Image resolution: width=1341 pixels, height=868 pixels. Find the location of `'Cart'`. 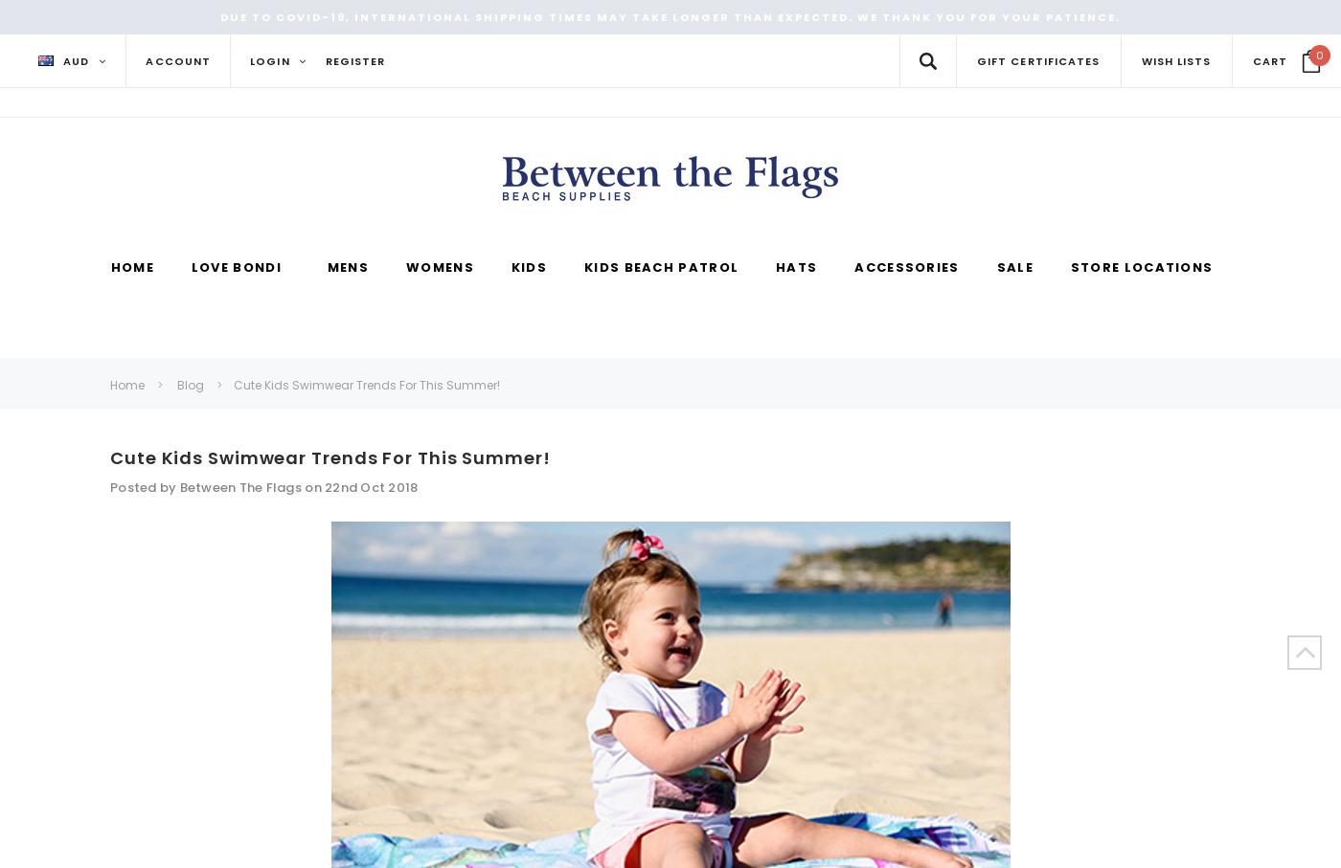

'Cart' is located at coordinates (1269, 60).